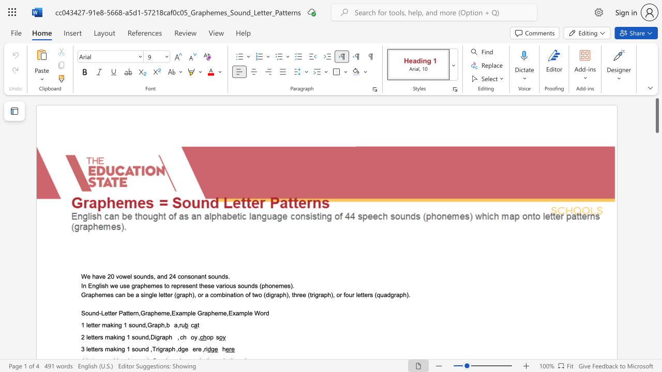 This screenshot has height=372, width=662. What do you see at coordinates (656, 164) in the screenshot?
I see `the scrollbar on the side` at bounding box center [656, 164].